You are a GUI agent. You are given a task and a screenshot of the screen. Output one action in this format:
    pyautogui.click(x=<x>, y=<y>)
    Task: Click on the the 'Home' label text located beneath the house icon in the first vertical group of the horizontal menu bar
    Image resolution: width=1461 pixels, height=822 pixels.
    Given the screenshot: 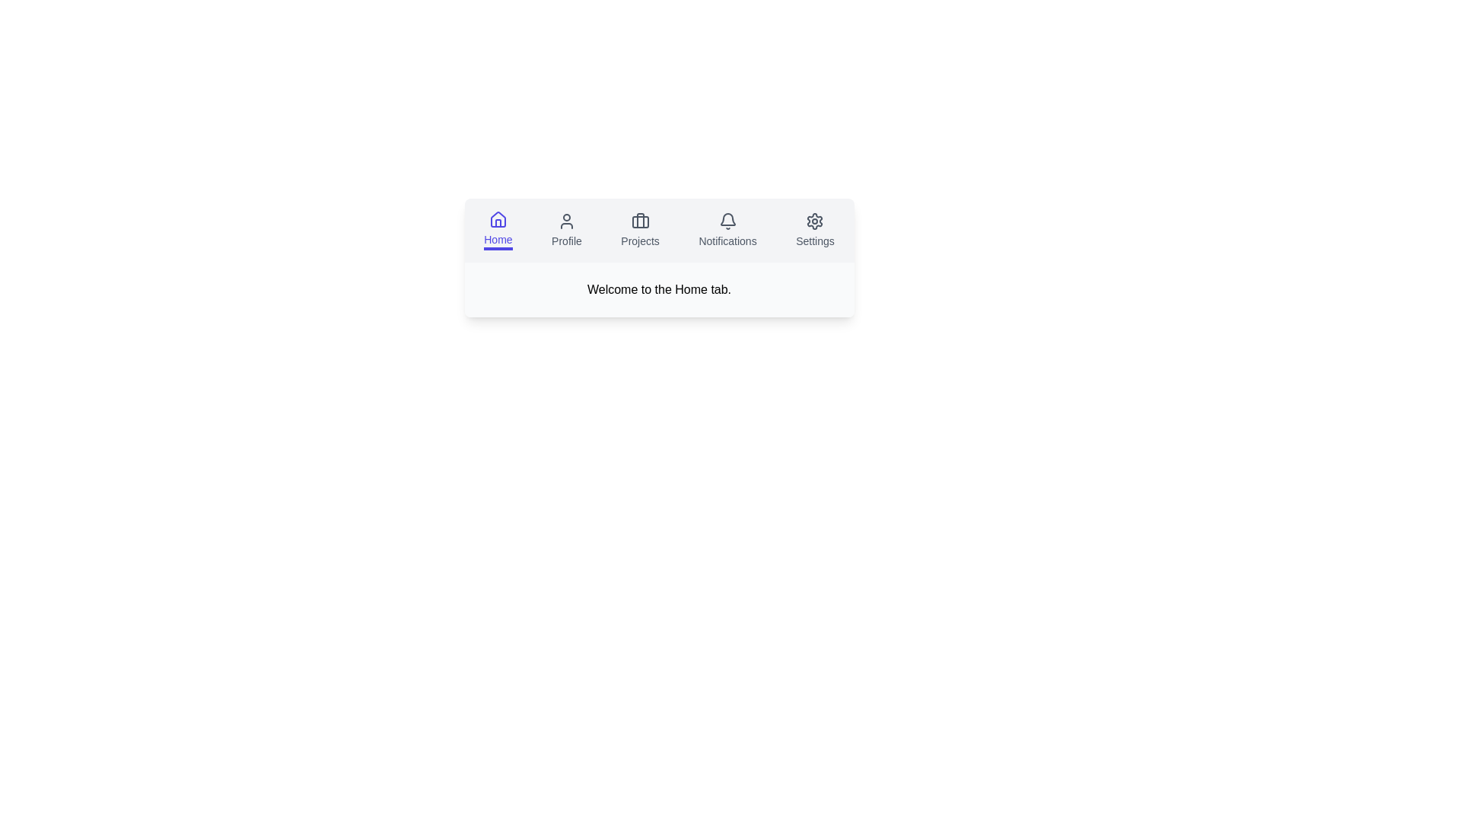 What is the action you would take?
    pyautogui.click(x=498, y=240)
    